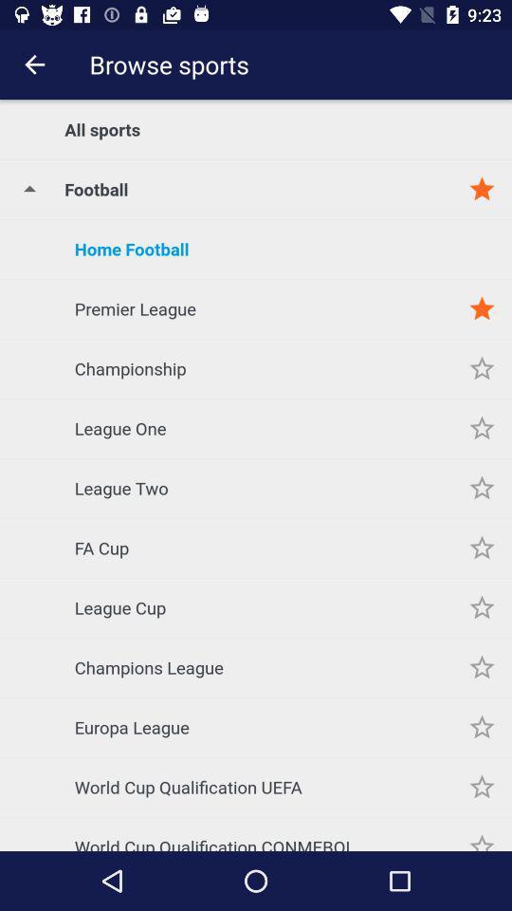 The height and width of the screenshot is (911, 512). Describe the element at coordinates (482, 606) in the screenshot. I see `option` at that location.